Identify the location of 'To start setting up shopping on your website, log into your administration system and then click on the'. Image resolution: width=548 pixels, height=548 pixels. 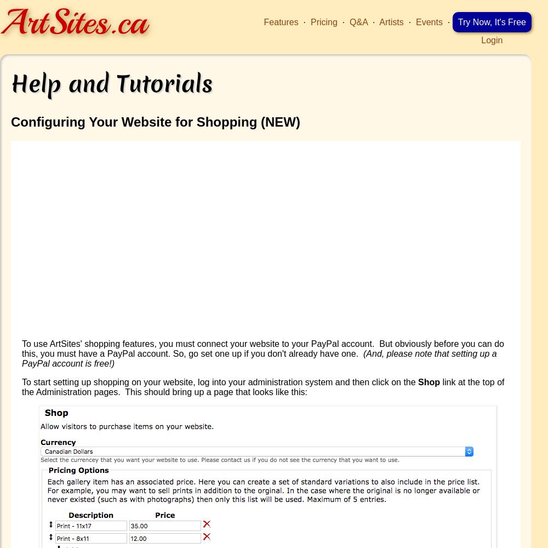
(220, 381).